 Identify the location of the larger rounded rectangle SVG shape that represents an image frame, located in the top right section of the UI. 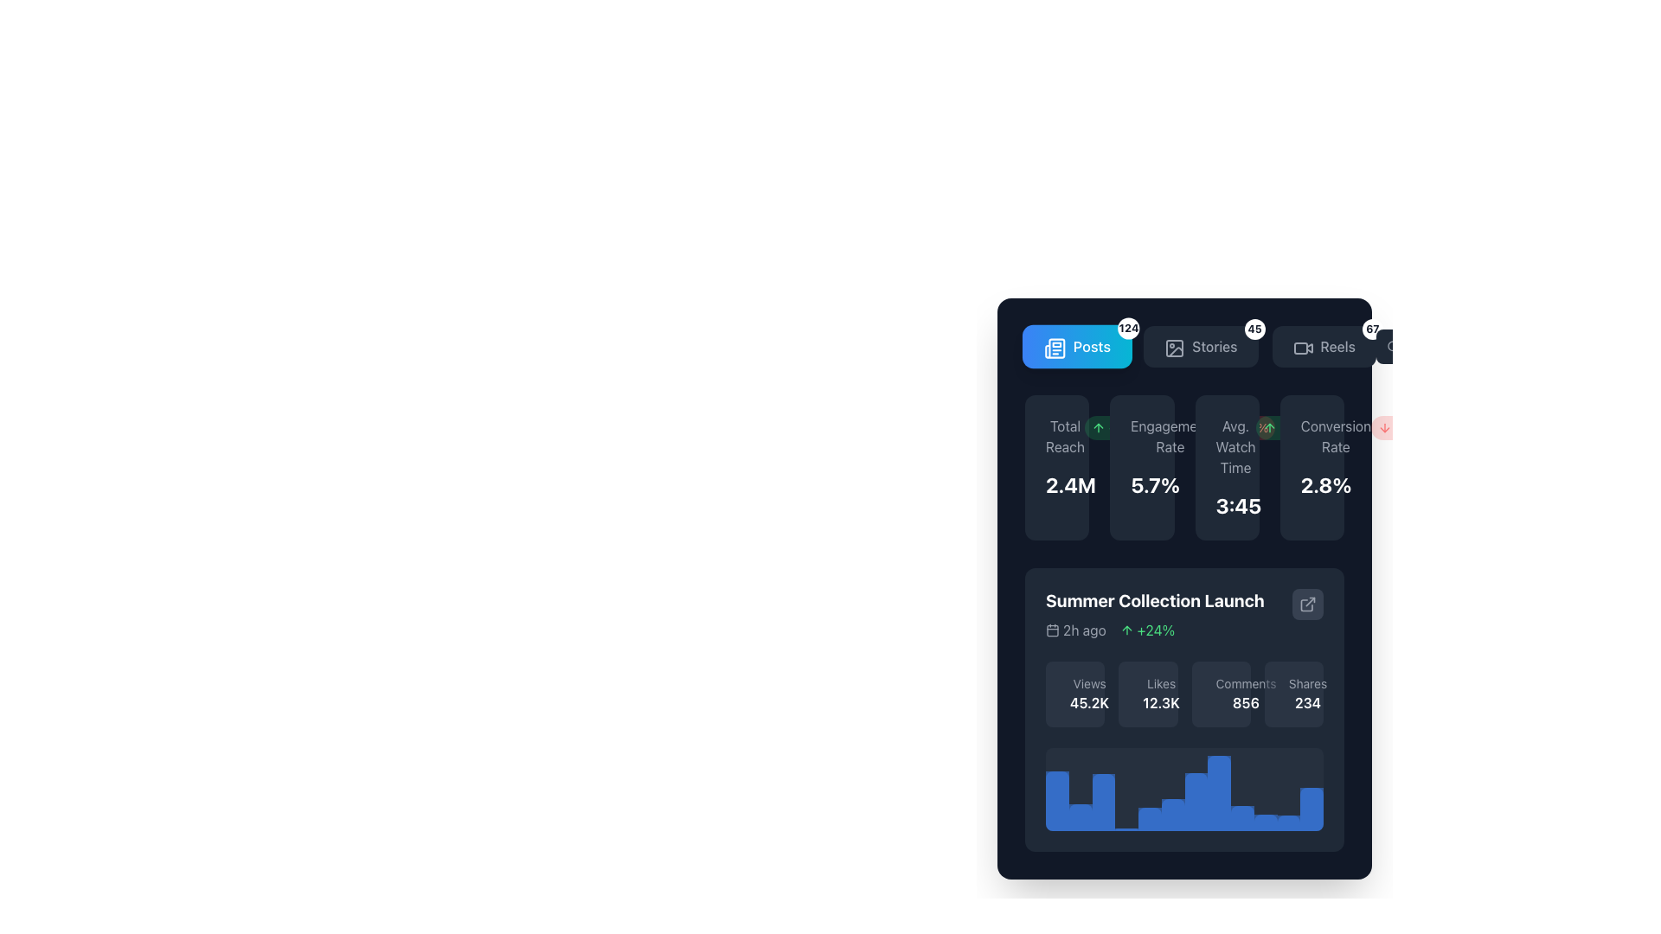
(1175, 348).